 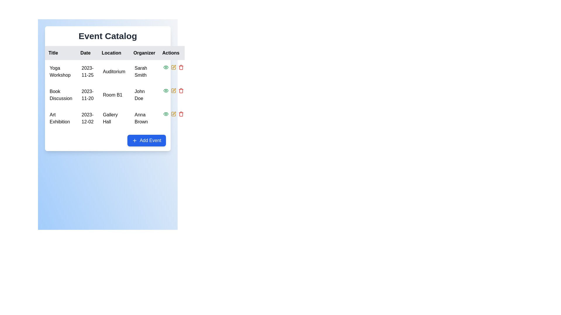 What do you see at coordinates (87, 53) in the screenshot?
I see `the Text label that serves as a column header for date-related information, located between 'Title' and 'Location' in the table headers` at bounding box center [87, 53].